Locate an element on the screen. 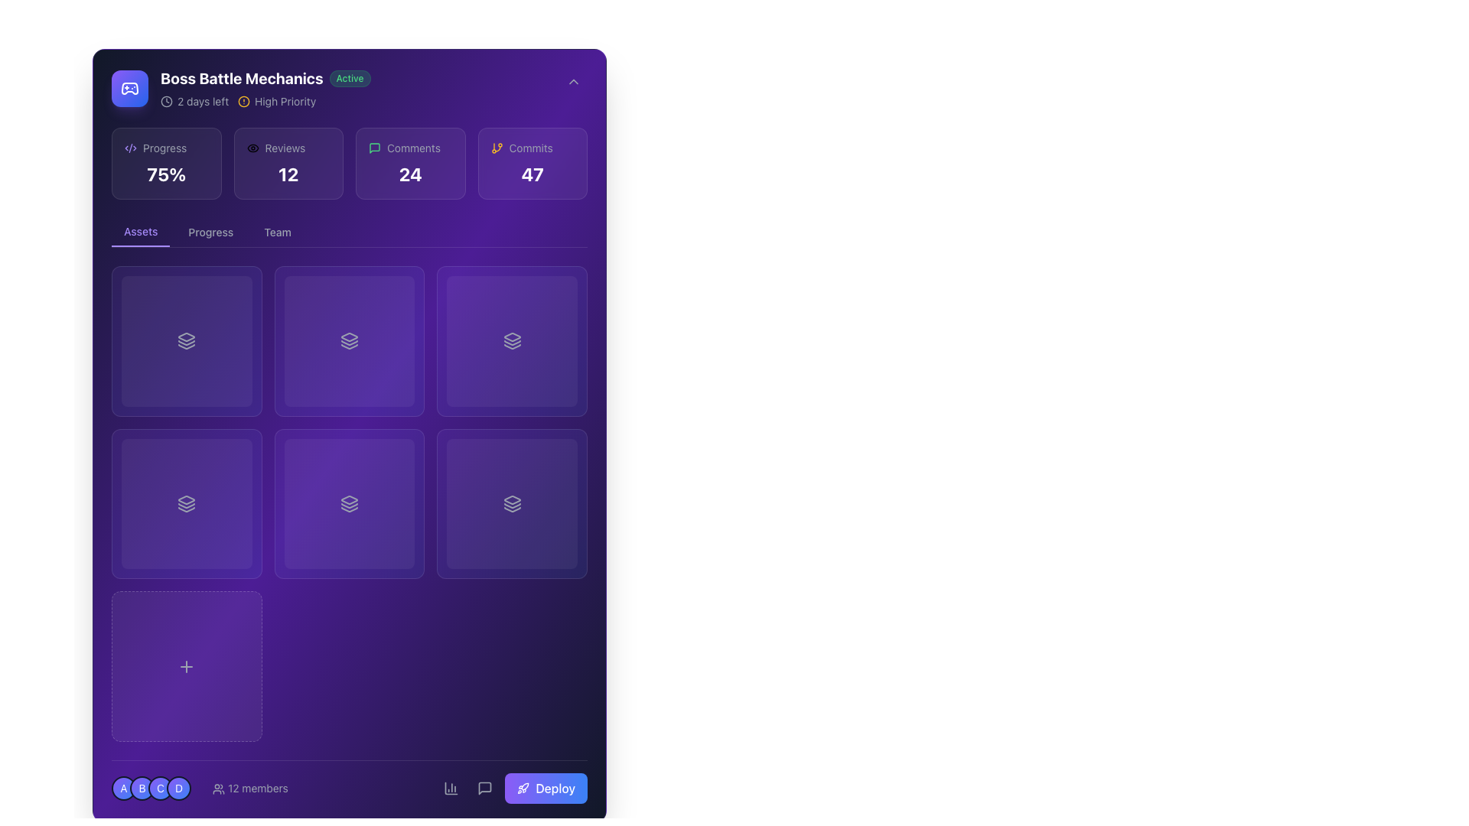 This screenshot has height=826, width=1469. the square-shaped button with rounded corners and a dashed border that has a 'plus' icon in the center to activate the hover effect is located at coordinates (186, 665).